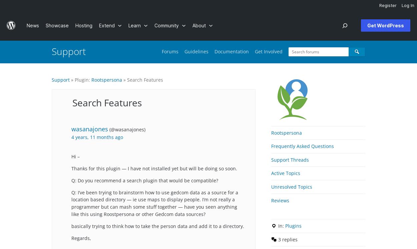 This screenshot has height=249, width=417. I want to click on 'Hosting', so click(84, 25).